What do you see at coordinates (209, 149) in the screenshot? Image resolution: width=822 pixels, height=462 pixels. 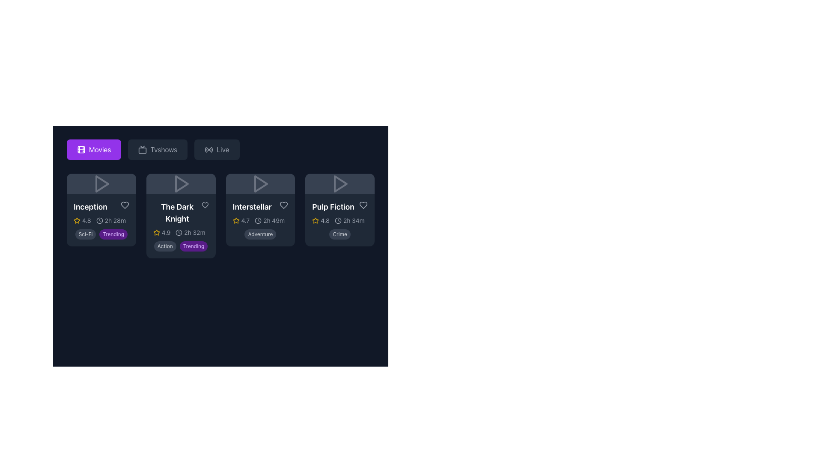 I see `the circular radio-like icon with concentric circles and a central dot located in the top-right corner of the interface, to the right of the 'Tvshows' button` at bounding box center [209, 149].